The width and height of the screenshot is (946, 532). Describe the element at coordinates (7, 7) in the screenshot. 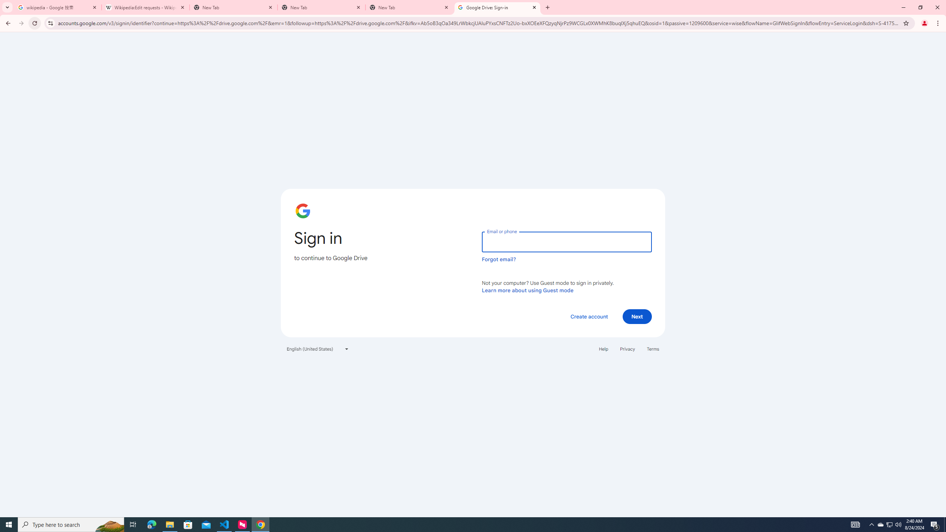

I see `'Search tabs'` at that location.